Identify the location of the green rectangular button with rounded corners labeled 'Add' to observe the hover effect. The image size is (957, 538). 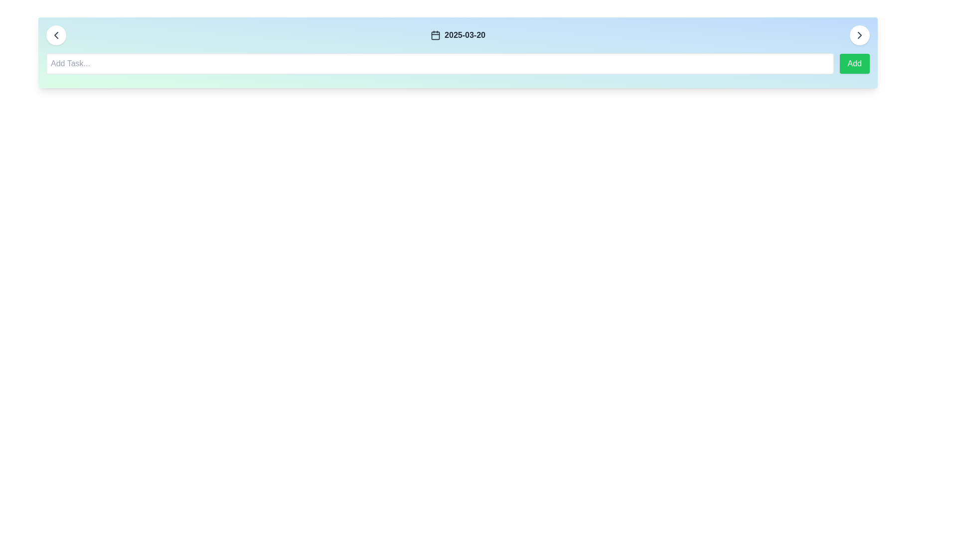
(854, 63).